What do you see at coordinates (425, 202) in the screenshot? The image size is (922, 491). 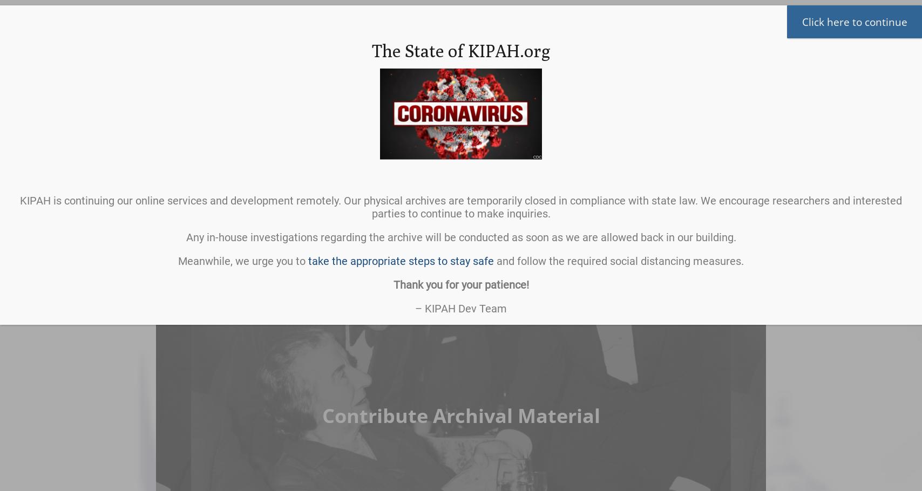 I see `'From the Archivist'` at bounding box center [425, 202].